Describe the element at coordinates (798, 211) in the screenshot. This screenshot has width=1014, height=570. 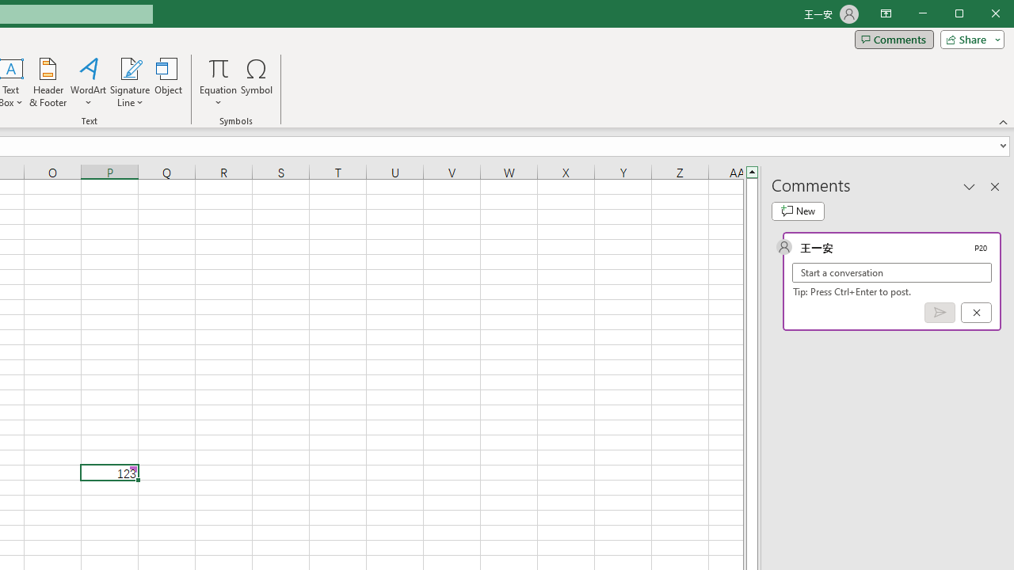
I see `'New comment'` at that location.